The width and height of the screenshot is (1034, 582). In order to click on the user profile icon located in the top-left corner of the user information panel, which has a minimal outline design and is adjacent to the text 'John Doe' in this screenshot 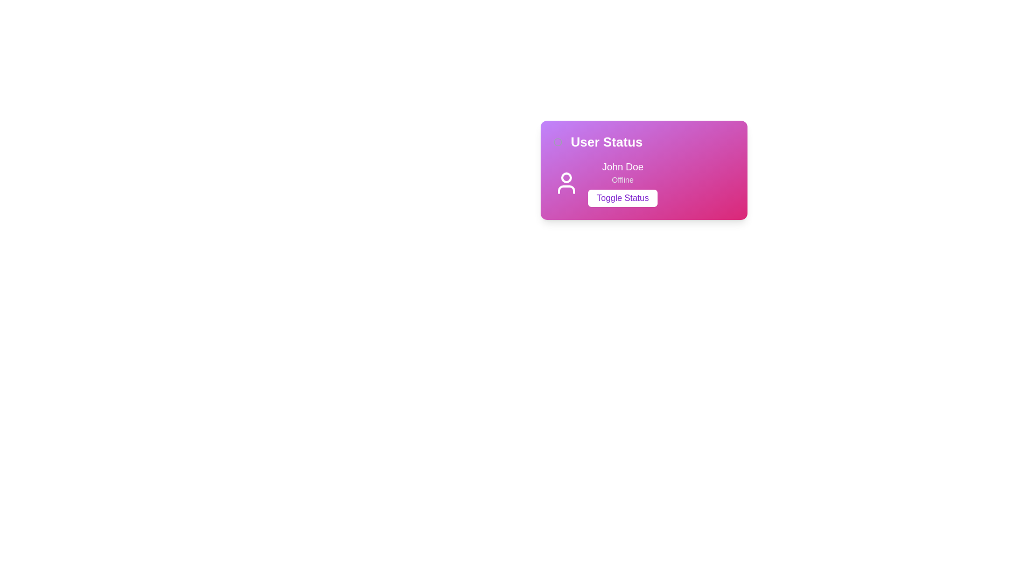, I will do `click(565, 182)`.